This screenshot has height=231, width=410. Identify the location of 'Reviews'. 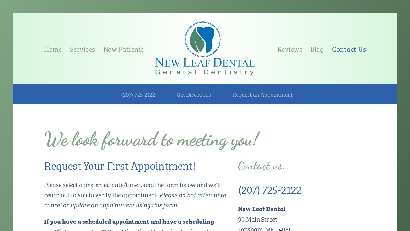
(289, 48).